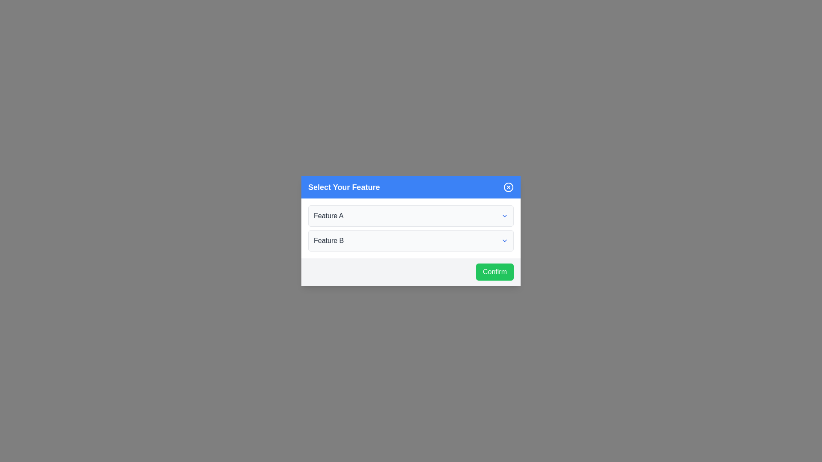 This screenshot has width=822, height=462. What do you see at coordinates (509, 187) in the screenshot?
I see `the close button located at the top-right corner of the 'Select Your Feature' dialog` at bounding box center [509, 187].